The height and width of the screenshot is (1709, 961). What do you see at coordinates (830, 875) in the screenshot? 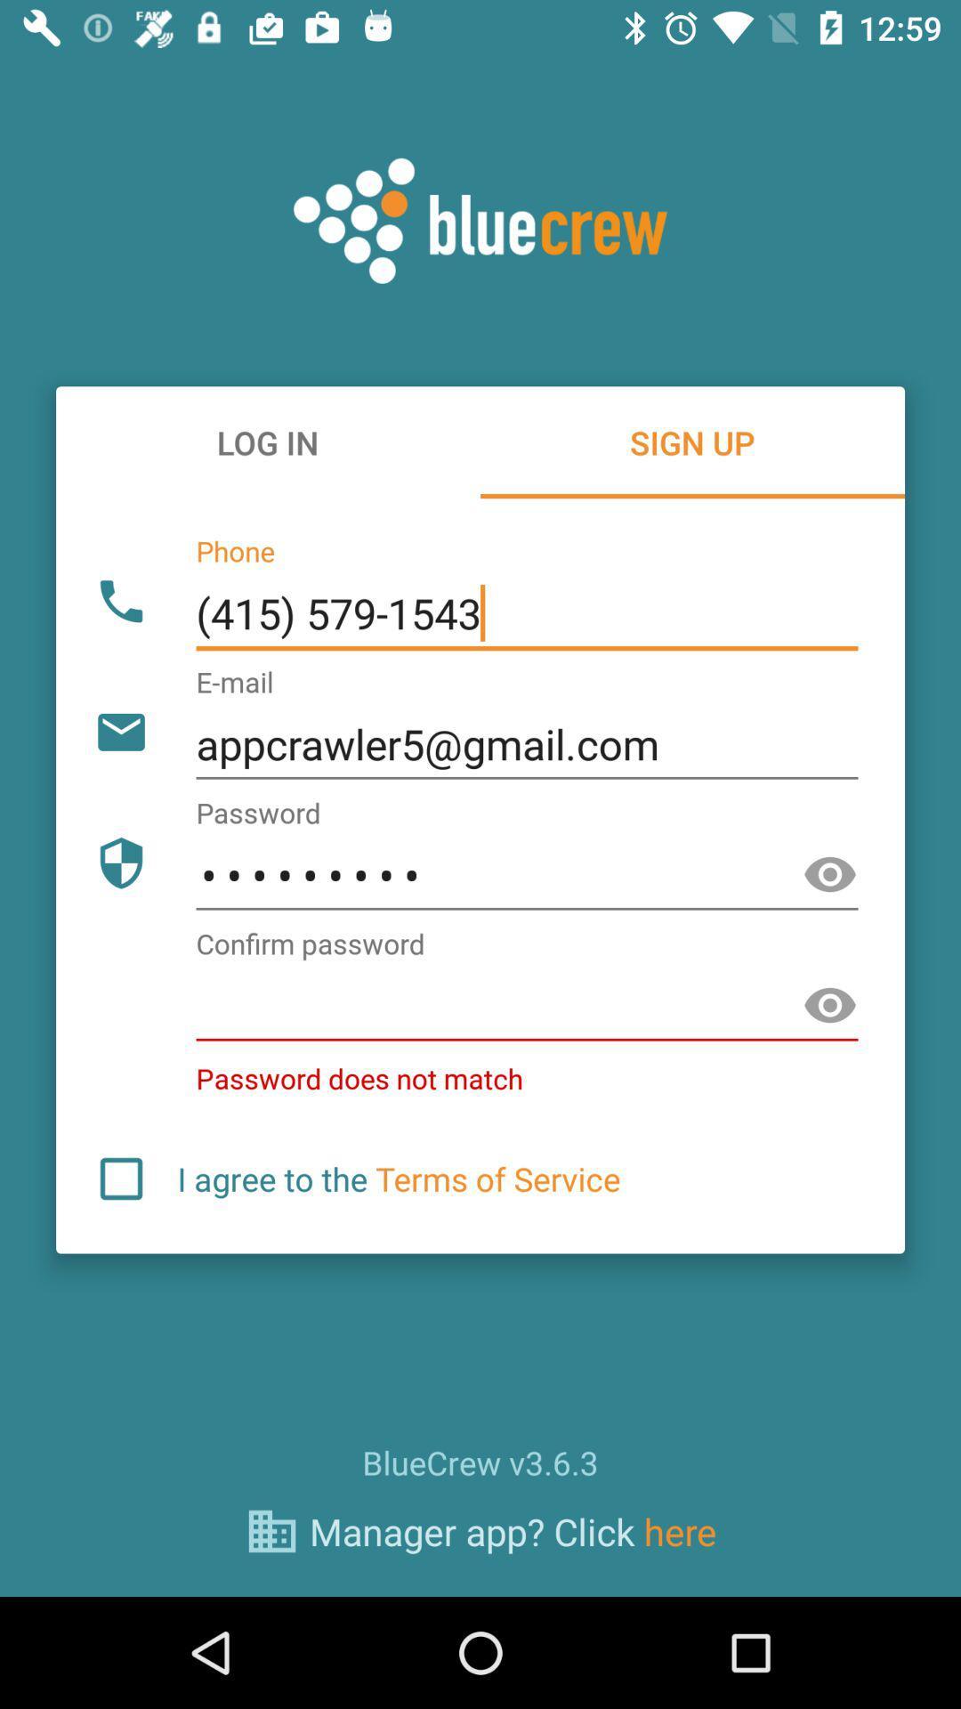
I see `show password` at bounding box center [830, 875].